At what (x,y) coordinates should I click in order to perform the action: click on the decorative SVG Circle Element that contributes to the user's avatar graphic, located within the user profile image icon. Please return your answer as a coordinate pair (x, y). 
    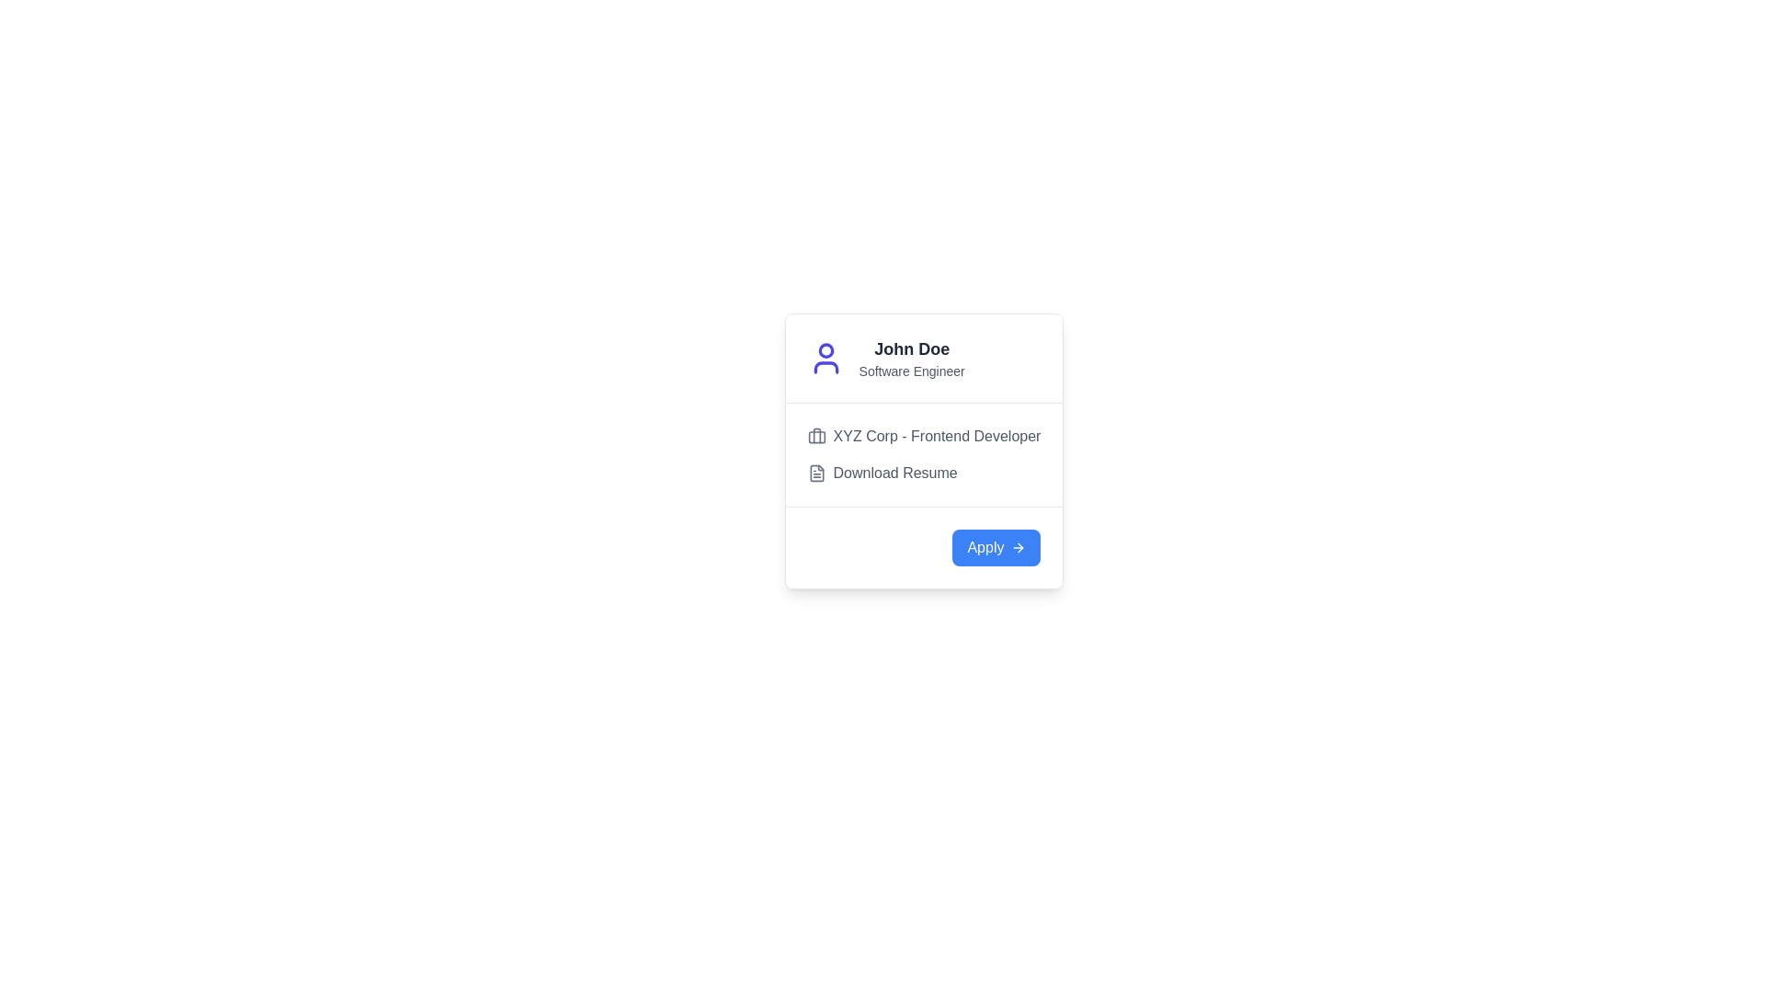
    Looking at the image, I should click on (825, 350).